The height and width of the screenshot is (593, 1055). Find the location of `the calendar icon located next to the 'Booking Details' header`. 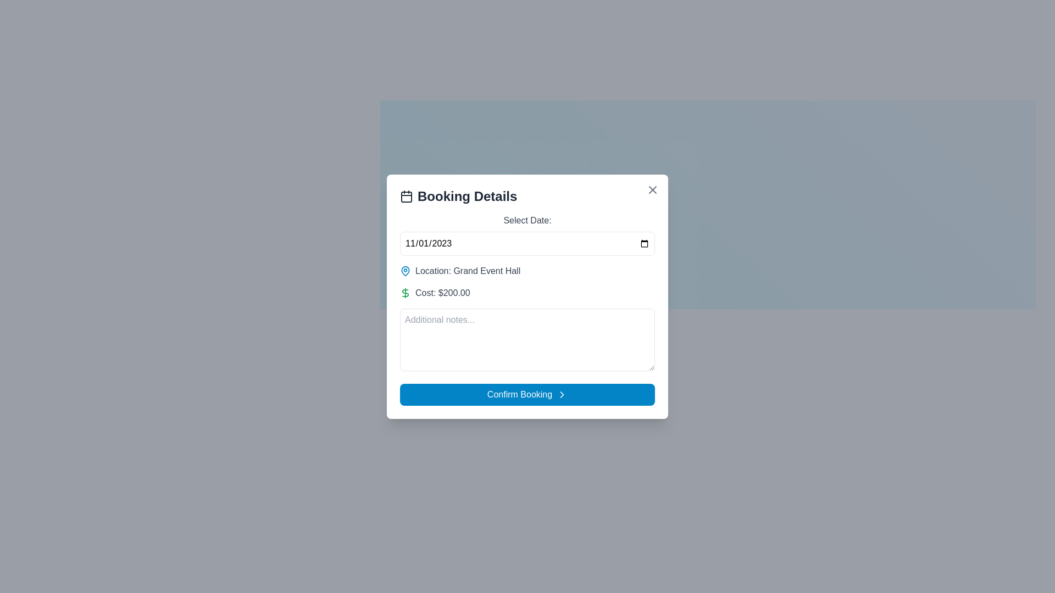

the calendar icon located next to the 'Booking Details' header is located at coordinates (406, 195).